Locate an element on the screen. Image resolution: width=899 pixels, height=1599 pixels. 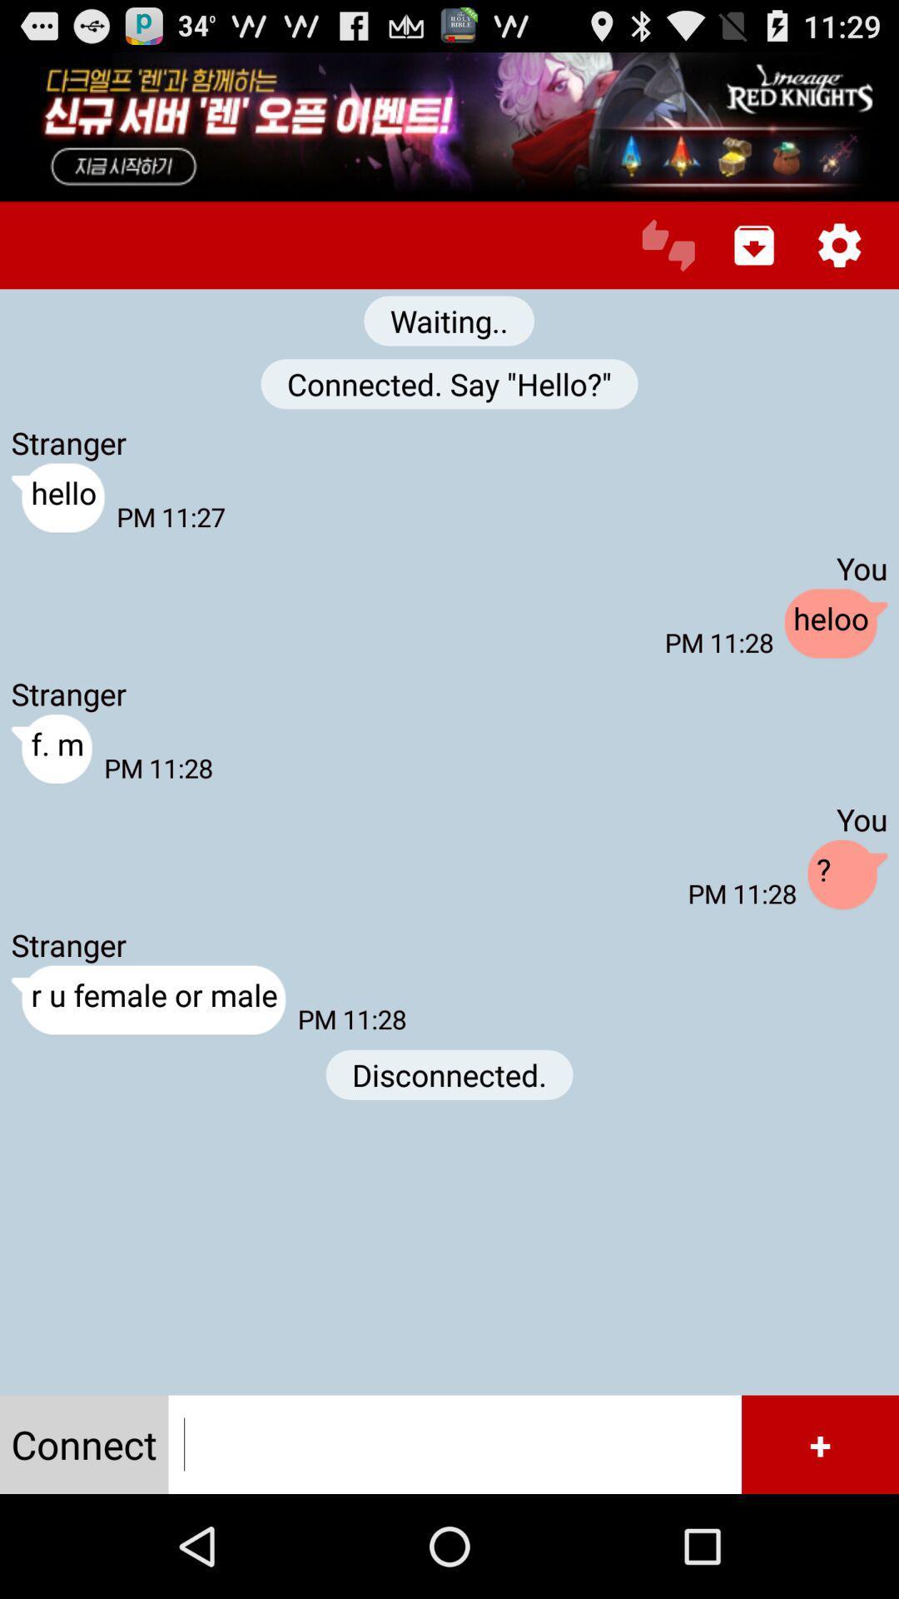
heloo icon is located at coordinates (836, 623).